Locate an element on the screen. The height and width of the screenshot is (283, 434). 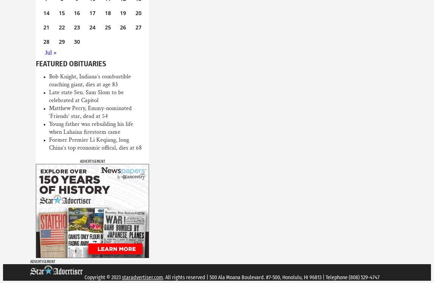
'17' is located at coordinates (92, 13).